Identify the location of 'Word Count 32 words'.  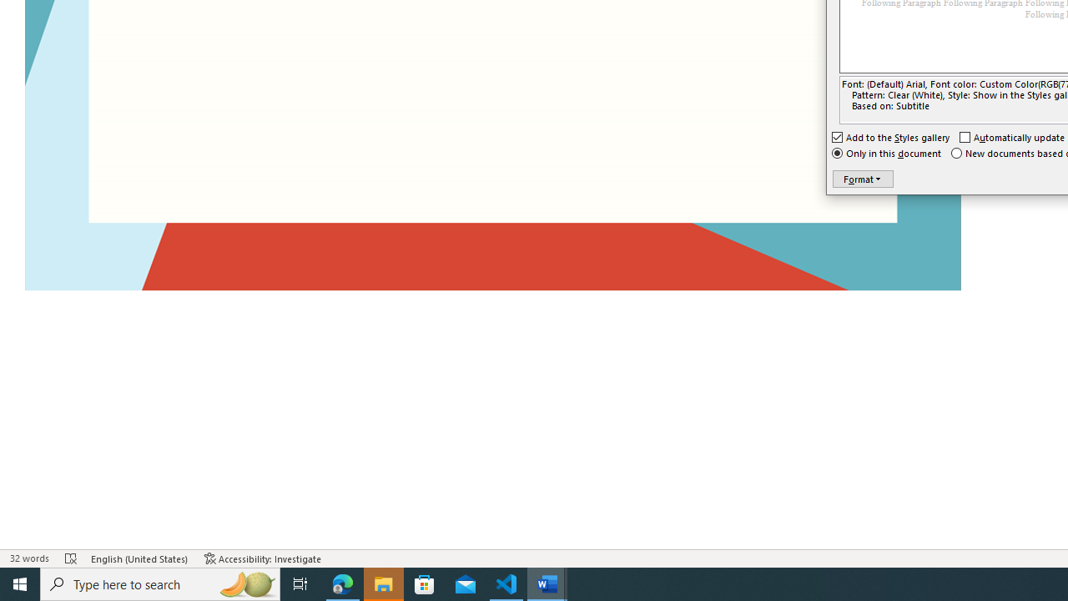
(29, 558).